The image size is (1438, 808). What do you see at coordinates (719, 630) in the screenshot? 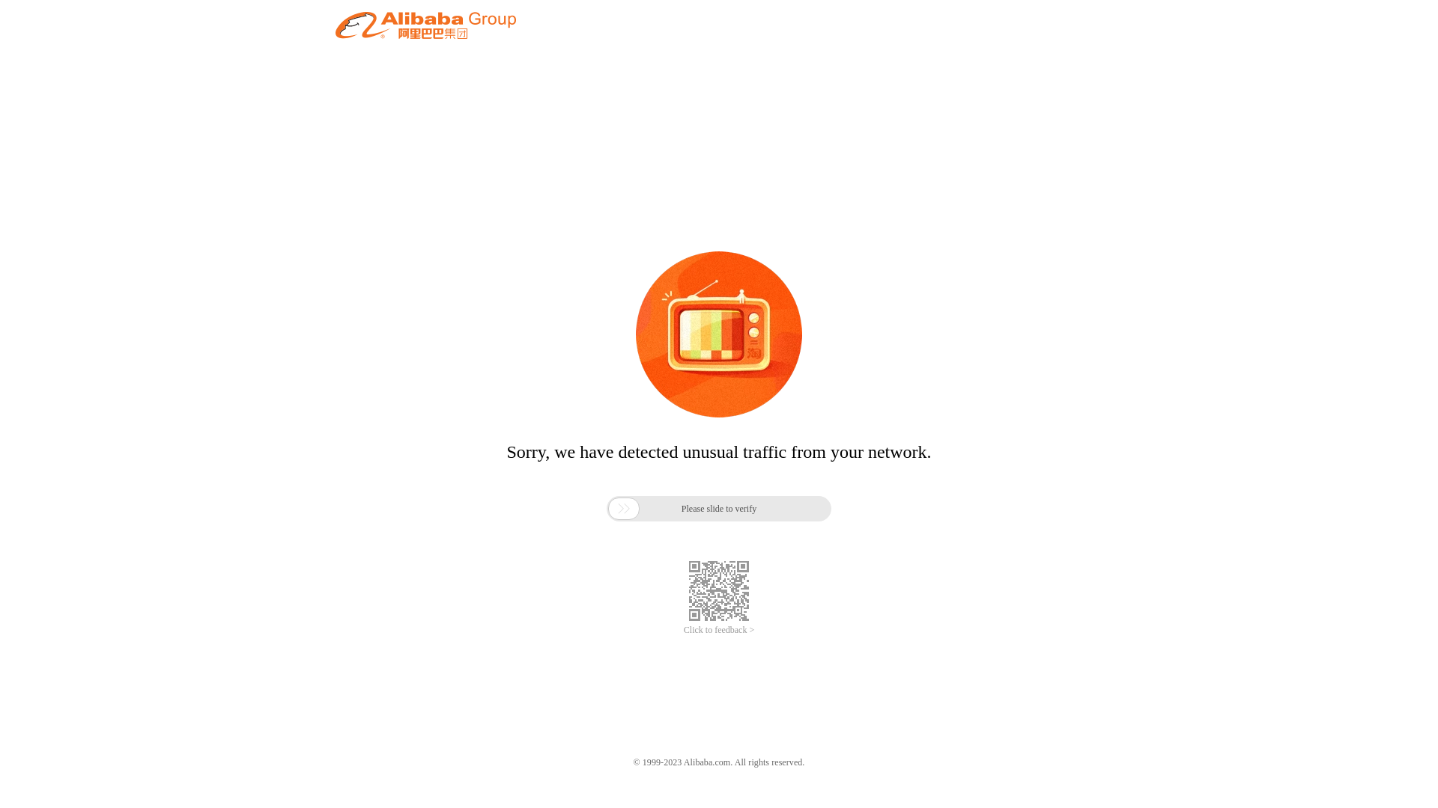
I see `'Click to feedback >'` at bounding box center [719, 630].